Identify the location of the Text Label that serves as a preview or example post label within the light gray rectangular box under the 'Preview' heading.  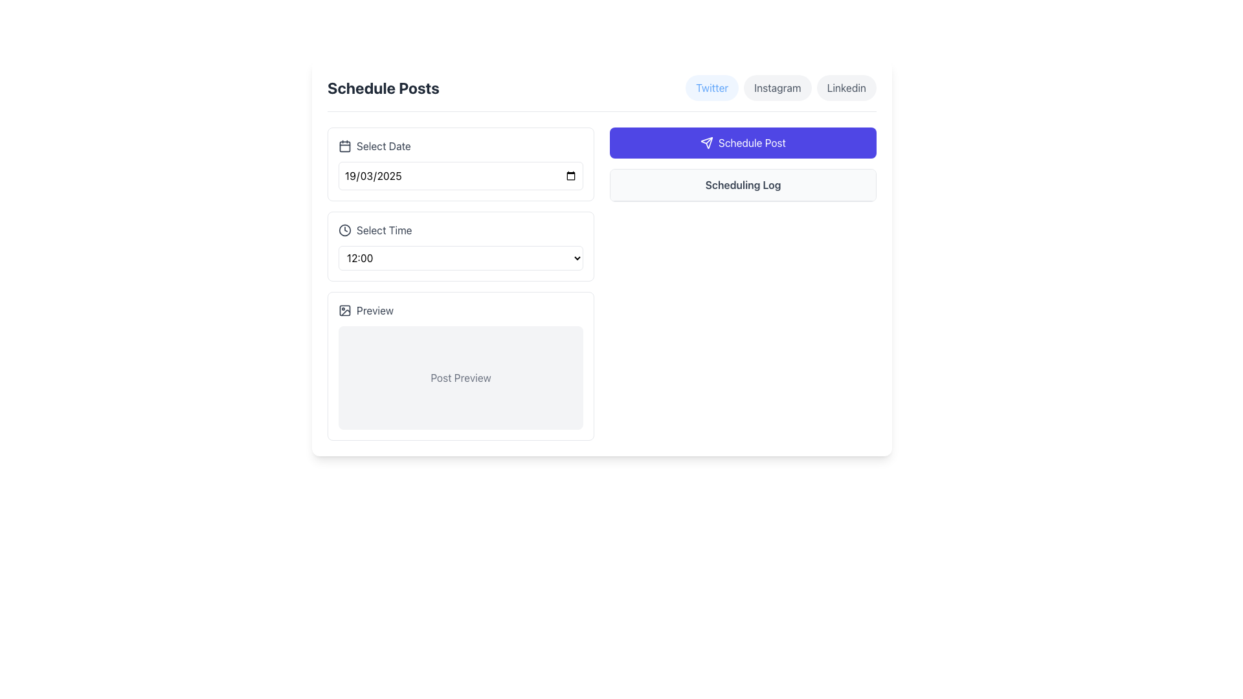
(460, 377).